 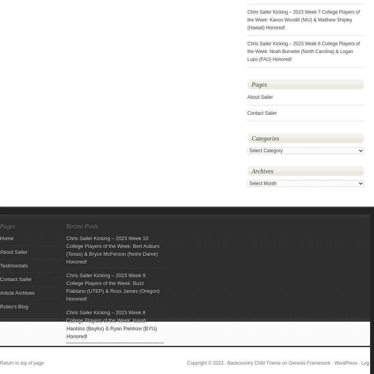 I want to click on 'Chris Sailer Kicking – 2023 Week 8 College Players of the Week: Isaiah Hankins (Baylor) & Ryan Rehkow (BYU) Honored!', so click(x=111, y=324).